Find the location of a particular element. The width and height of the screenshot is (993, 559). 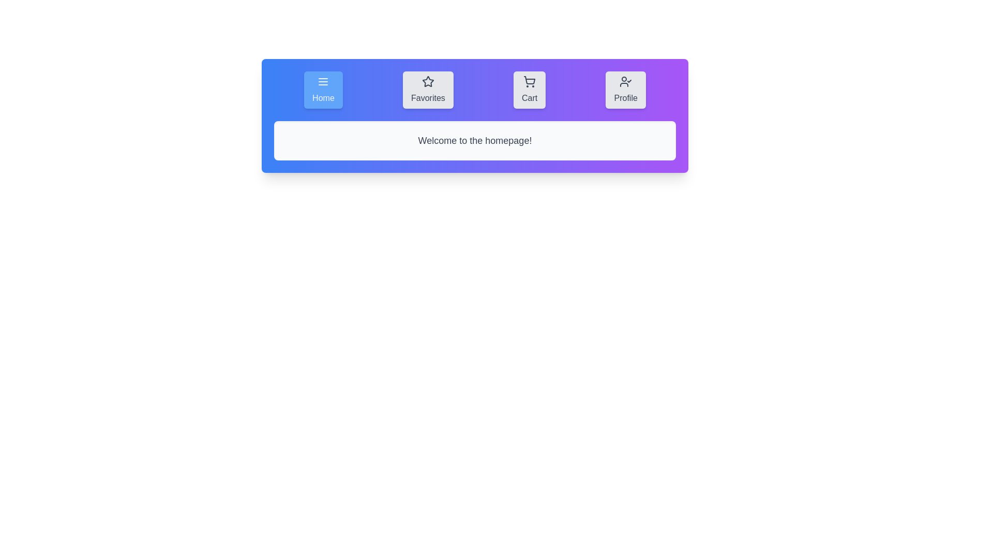

welcome message displayed in the text-based information area of the central navigation and greeting component is located at coordinates (474, 115).